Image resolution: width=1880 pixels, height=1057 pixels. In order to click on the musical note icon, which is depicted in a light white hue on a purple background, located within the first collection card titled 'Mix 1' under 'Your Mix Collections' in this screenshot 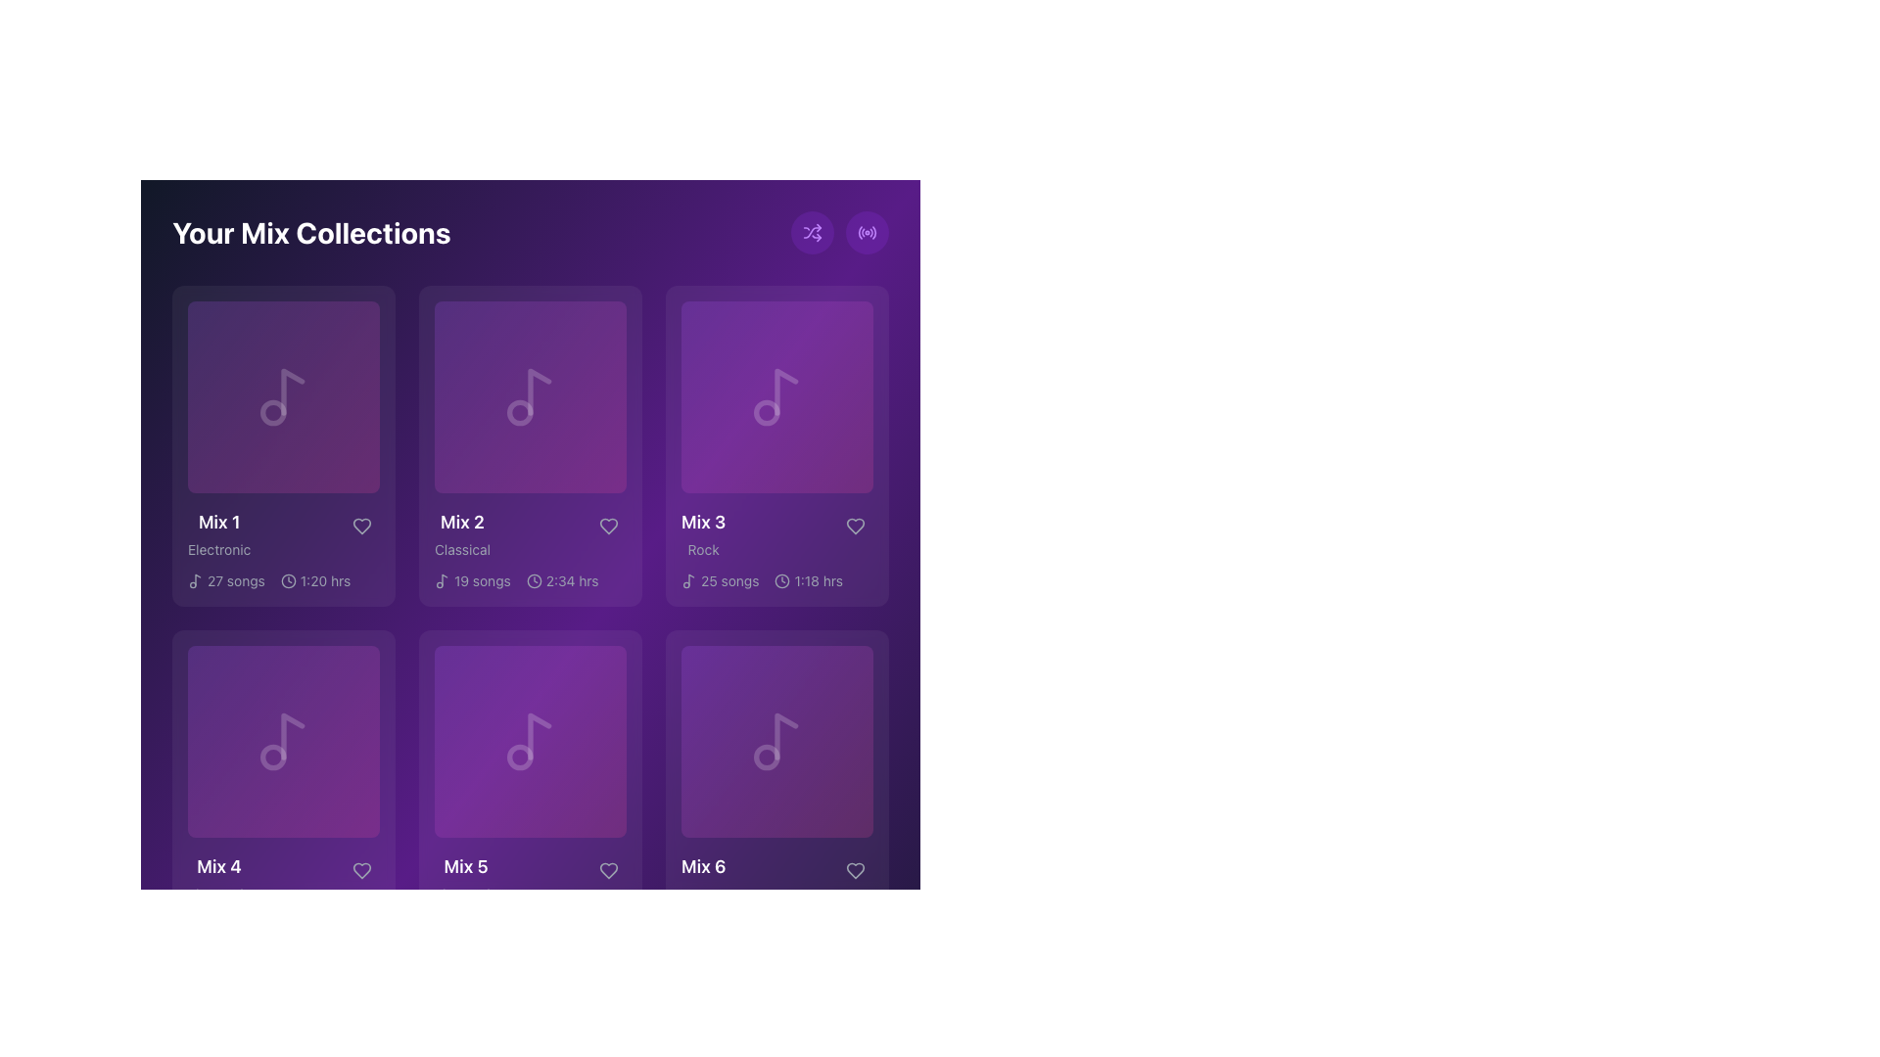, I will do `click(282, 396)`.